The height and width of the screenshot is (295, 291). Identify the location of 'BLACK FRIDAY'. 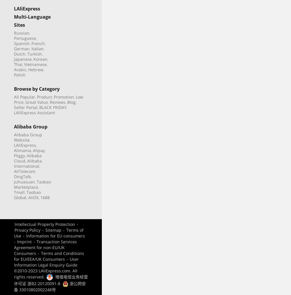
(53, 107).